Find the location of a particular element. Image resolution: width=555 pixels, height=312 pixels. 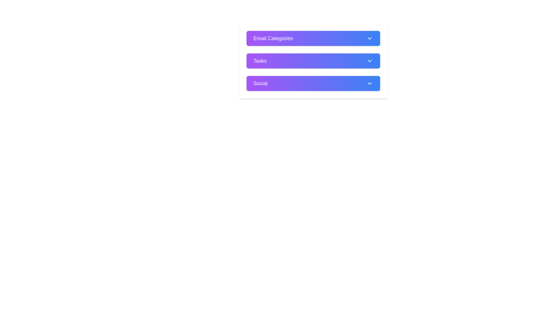

the Expandable dropdown indicator icon located at the right end of the 'Tasks' button is located at coordinates (369, 61).